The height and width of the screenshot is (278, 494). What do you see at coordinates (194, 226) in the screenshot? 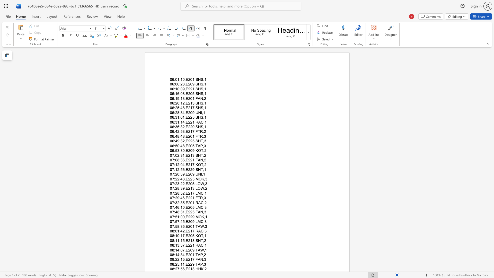
I see `the subset text ",TAW,3" within the text "07:58:35,E201,TAW,3"` at bounding box center [194, 226].